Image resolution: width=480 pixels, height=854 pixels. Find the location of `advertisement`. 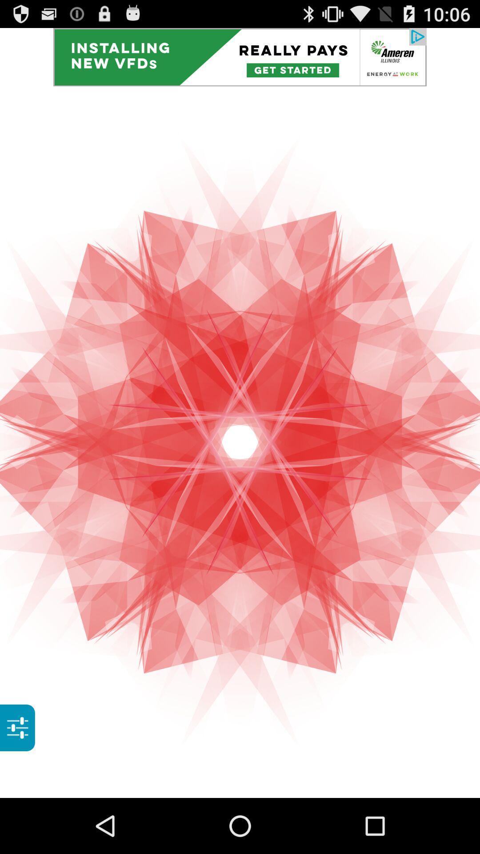

advertisement is located at coordinates (240, 56).